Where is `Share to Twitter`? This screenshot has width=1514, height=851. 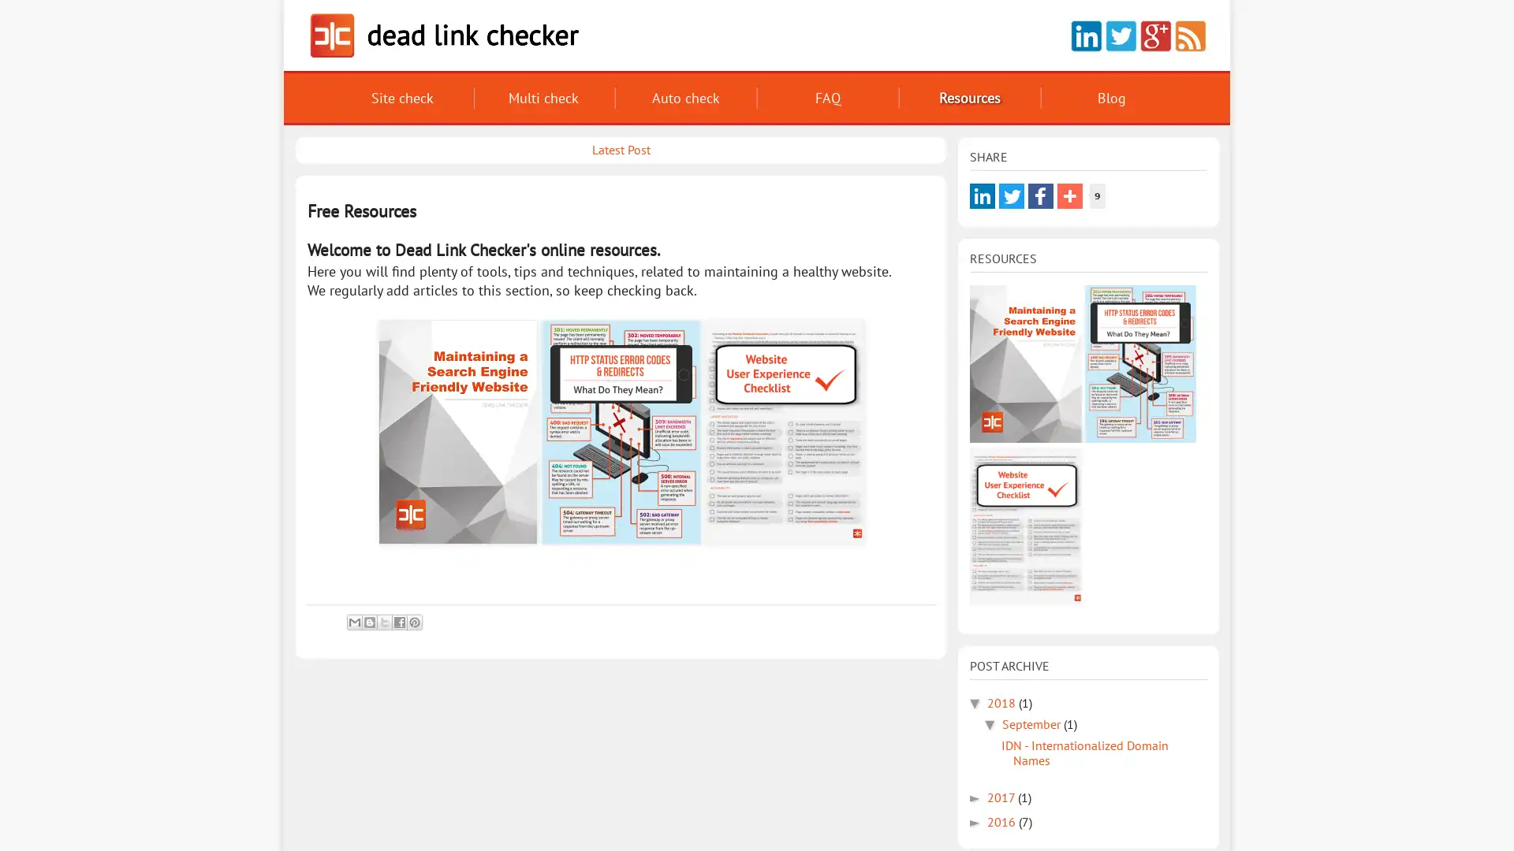 Share to Twitter is located at coordinates (1011, 195).